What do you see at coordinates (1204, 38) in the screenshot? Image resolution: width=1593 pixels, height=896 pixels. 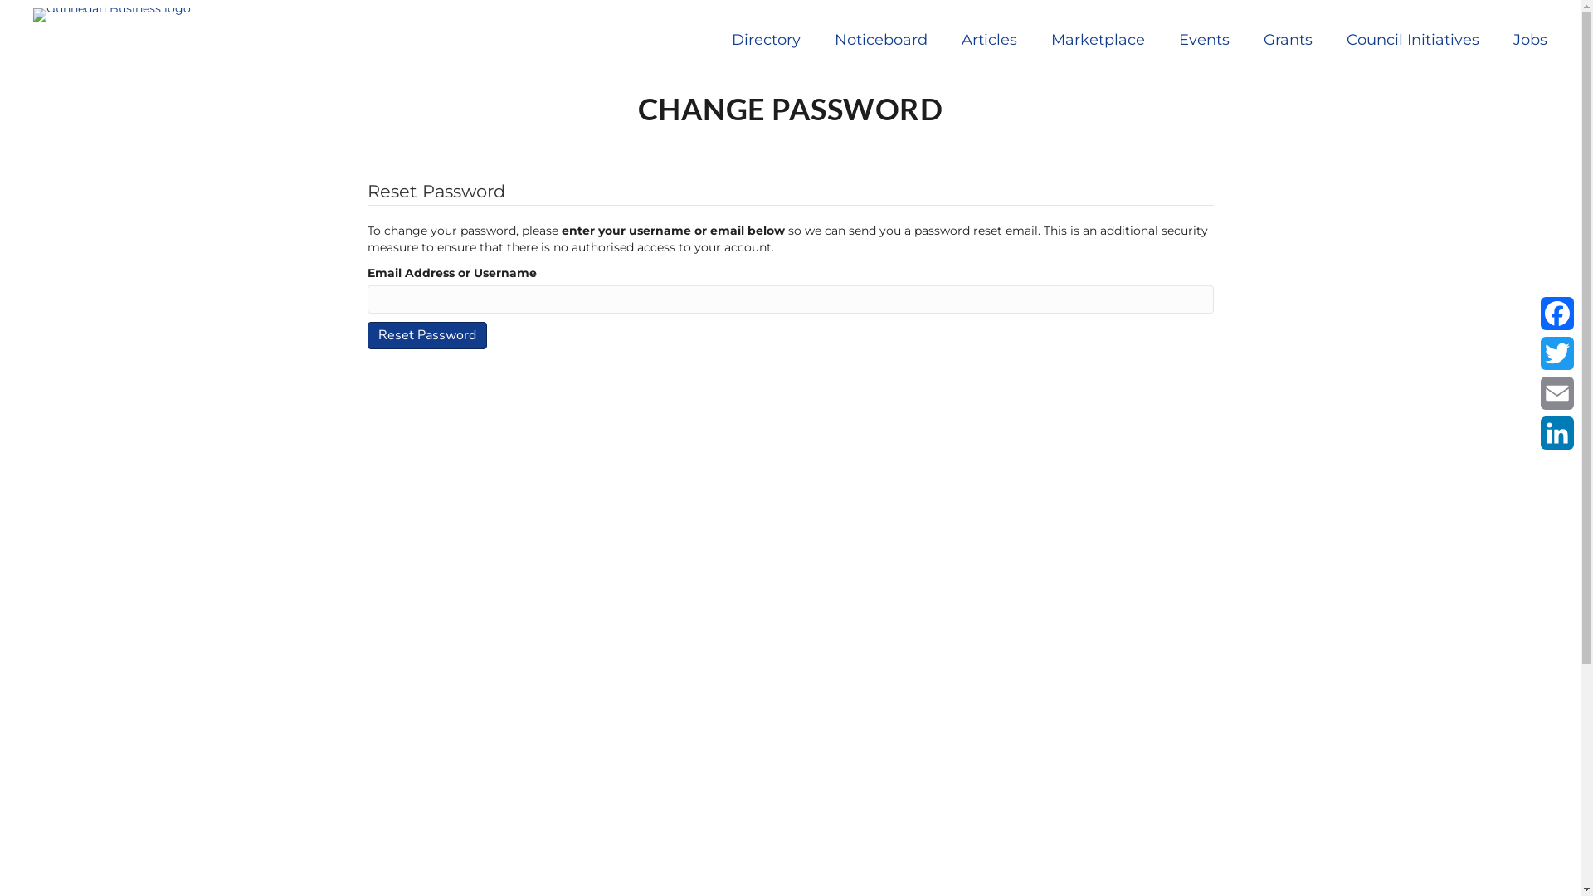 I see `'Events'` at bounding box center [1204, 38].